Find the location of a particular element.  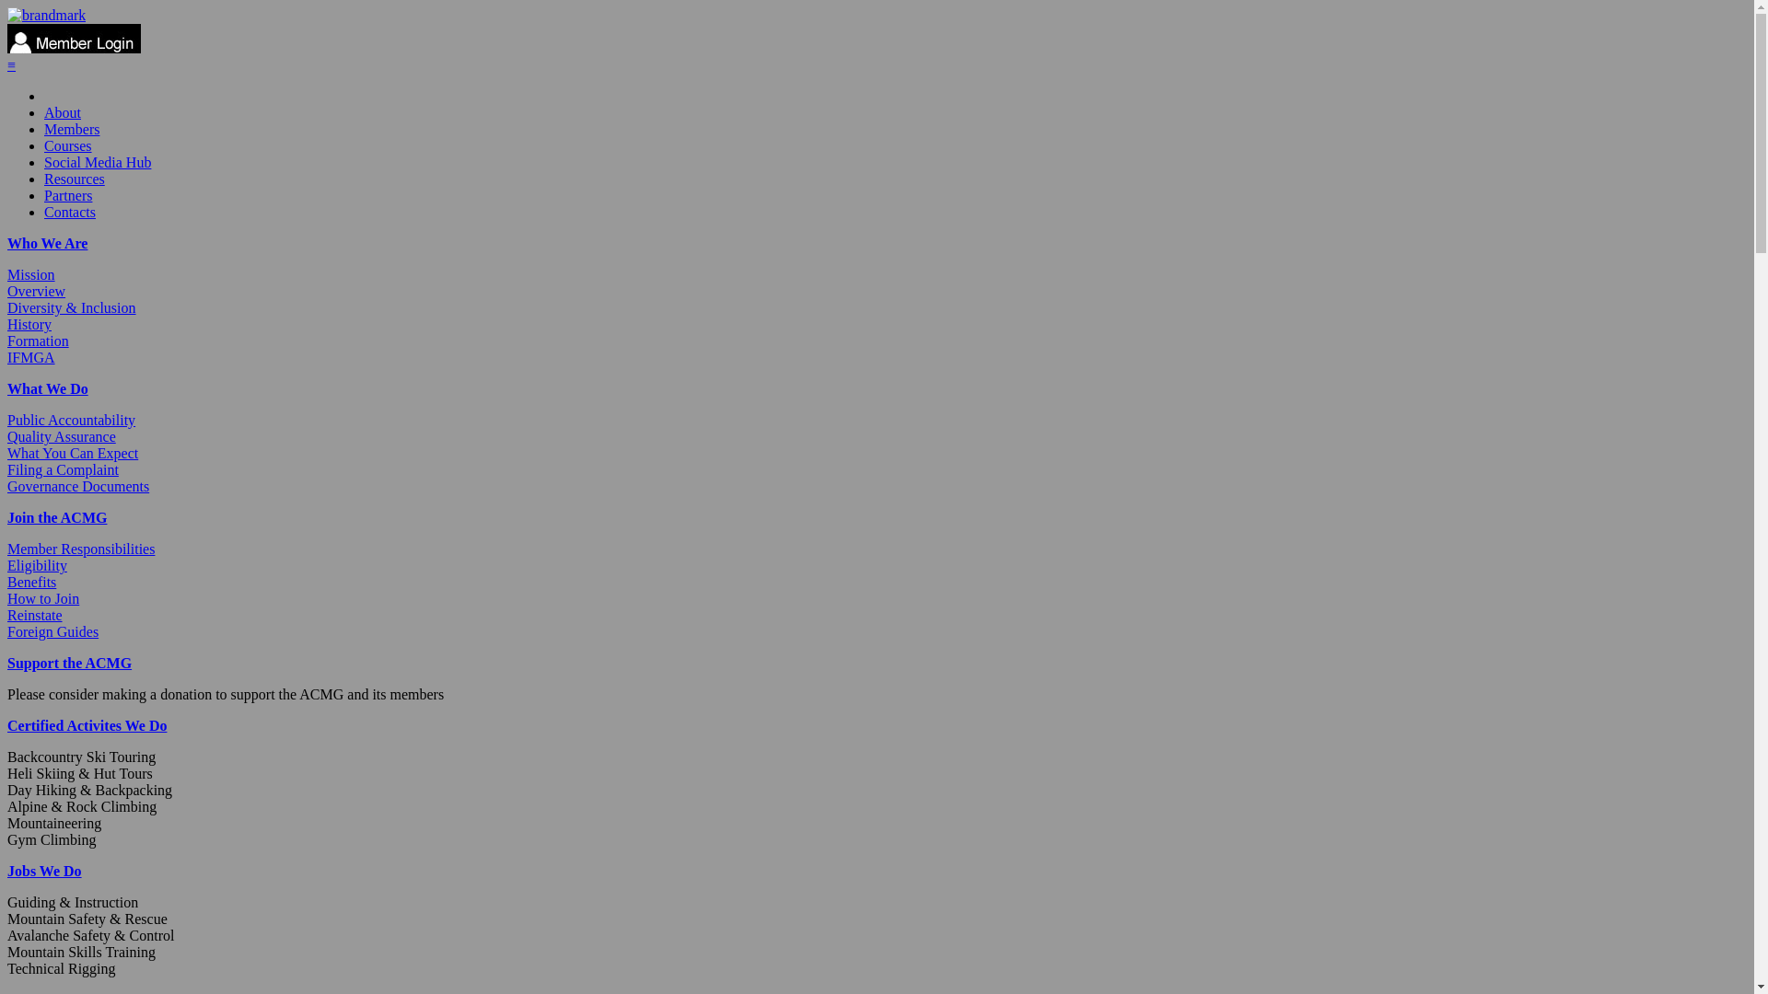

'Member Responsibilities' is located at coordinates (79, 548).